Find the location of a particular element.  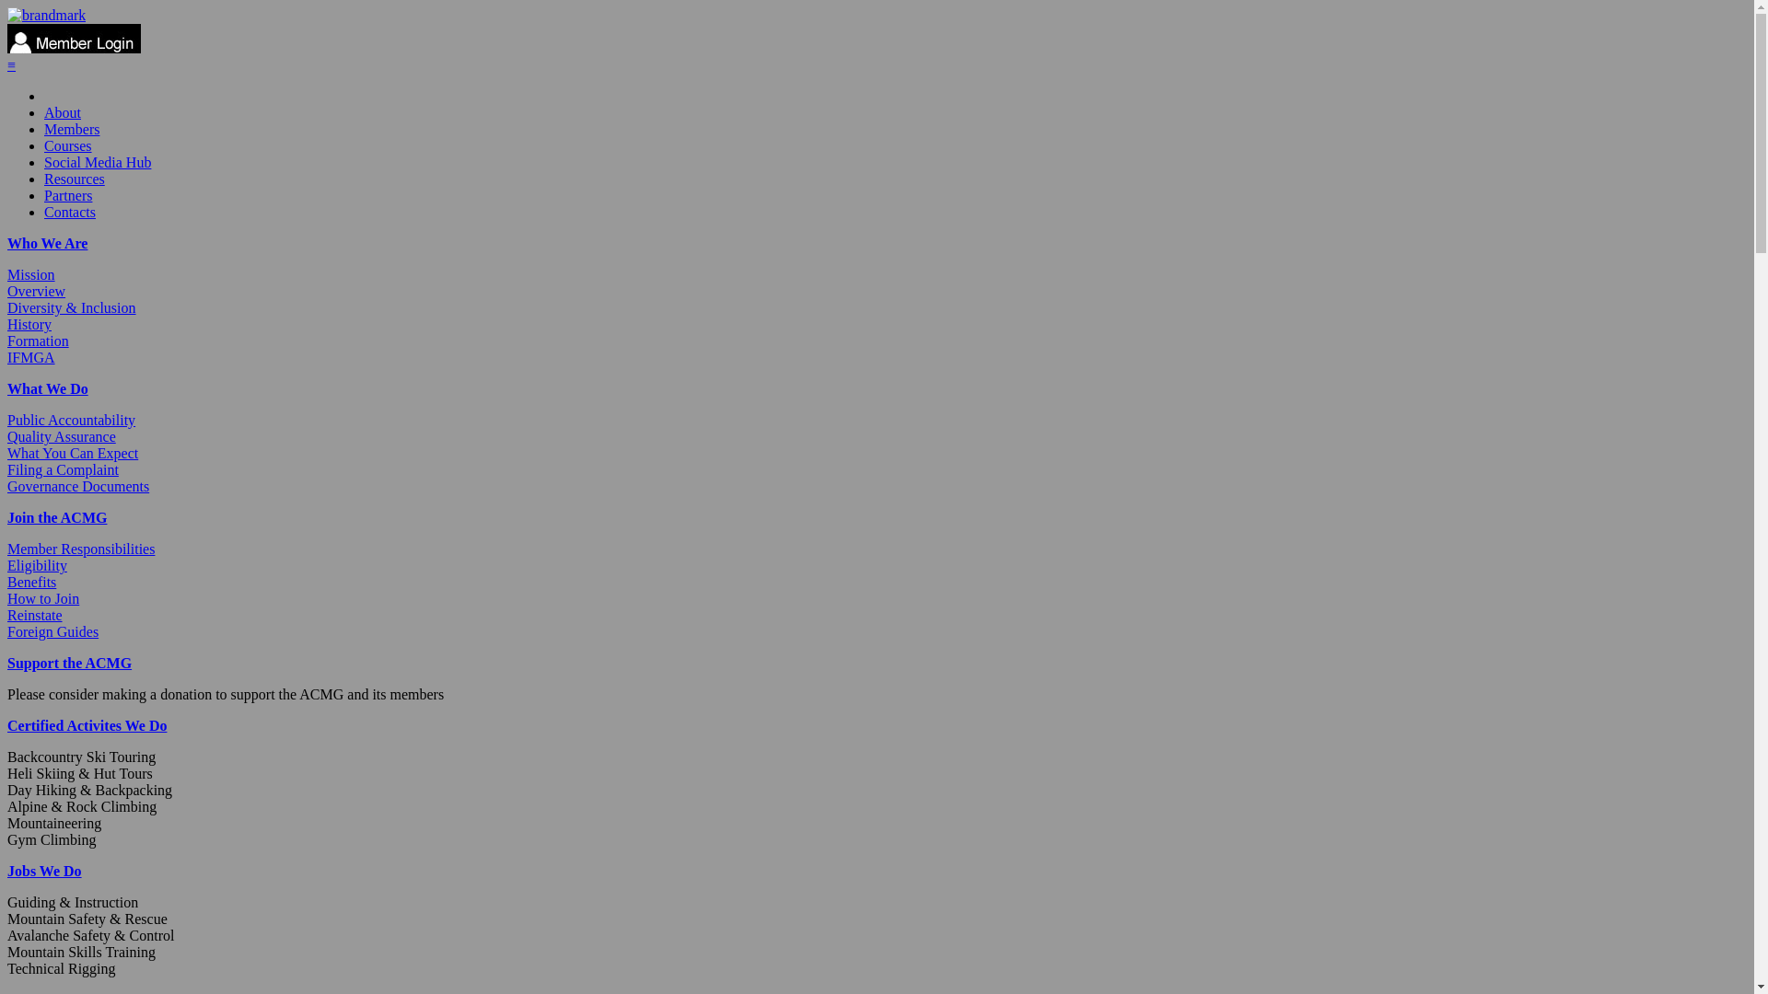

'Member Responsibilities' is located at coordinates (79, 548).